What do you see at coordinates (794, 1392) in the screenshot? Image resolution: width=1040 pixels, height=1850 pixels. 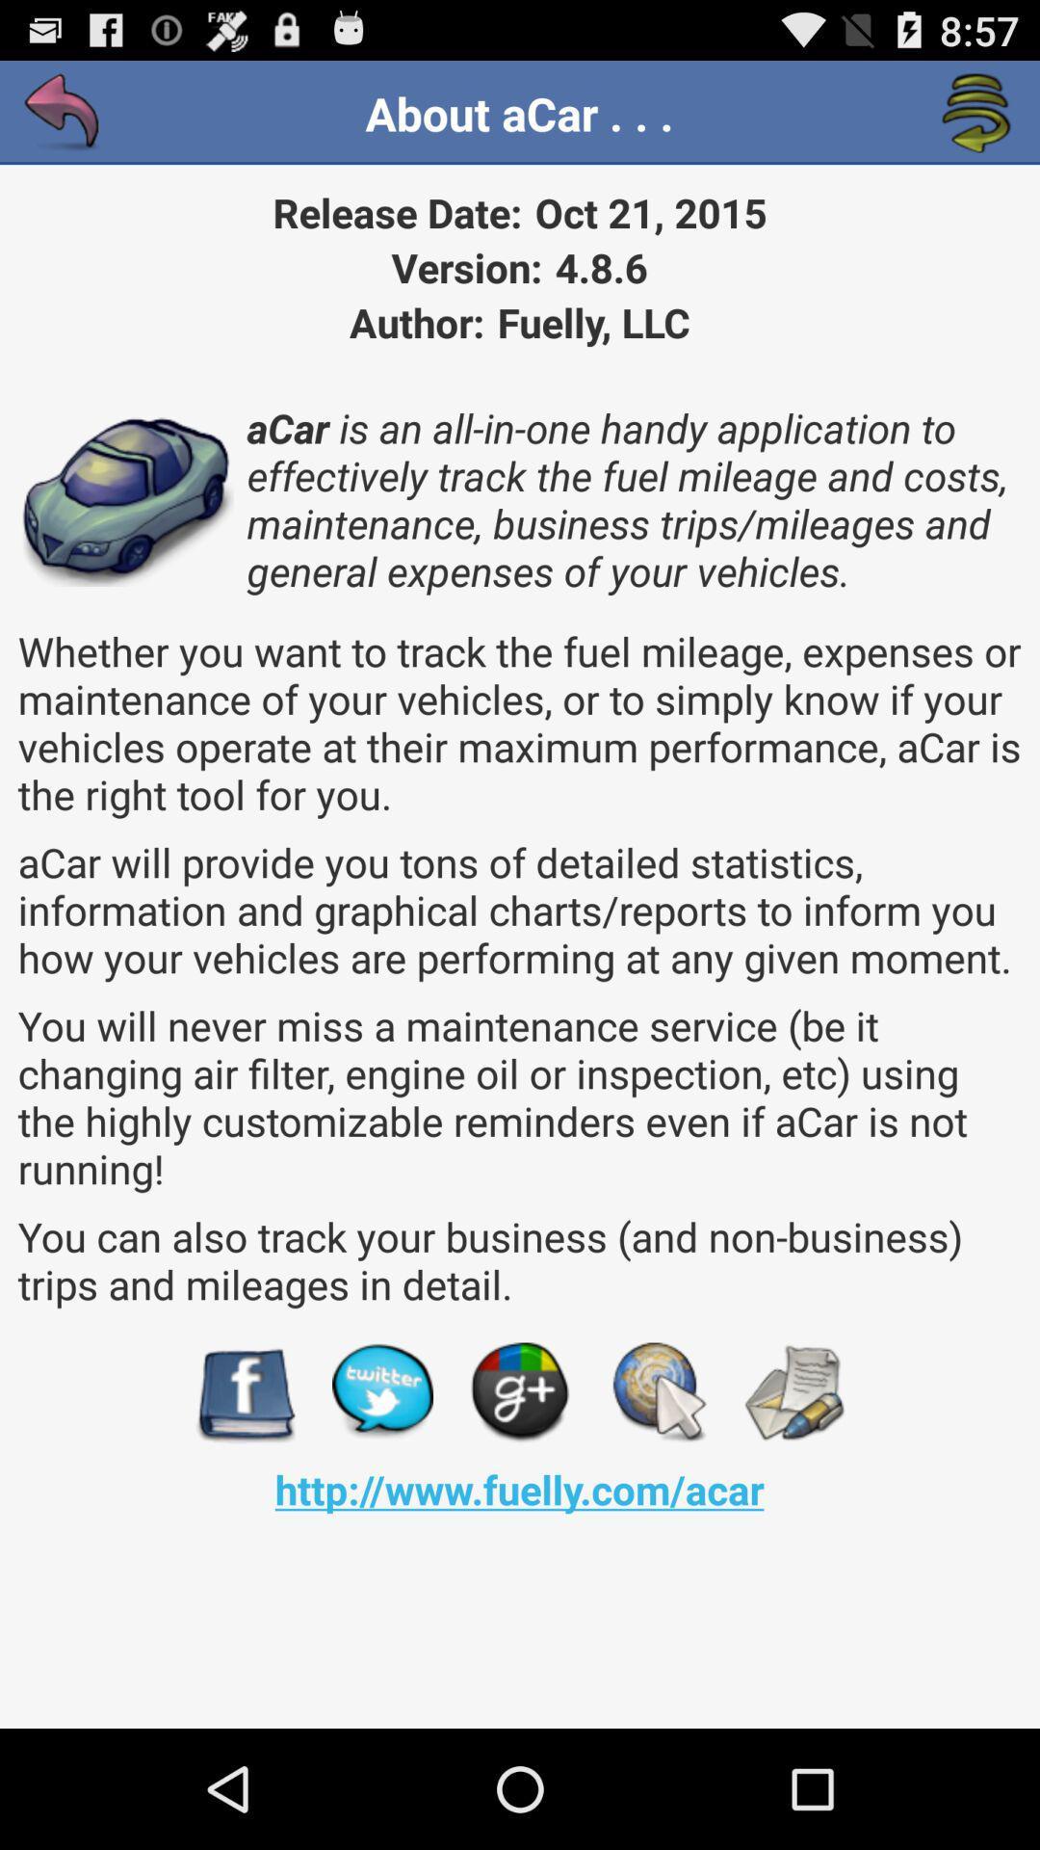 I see `send email` at bounding box center [794, 1392].